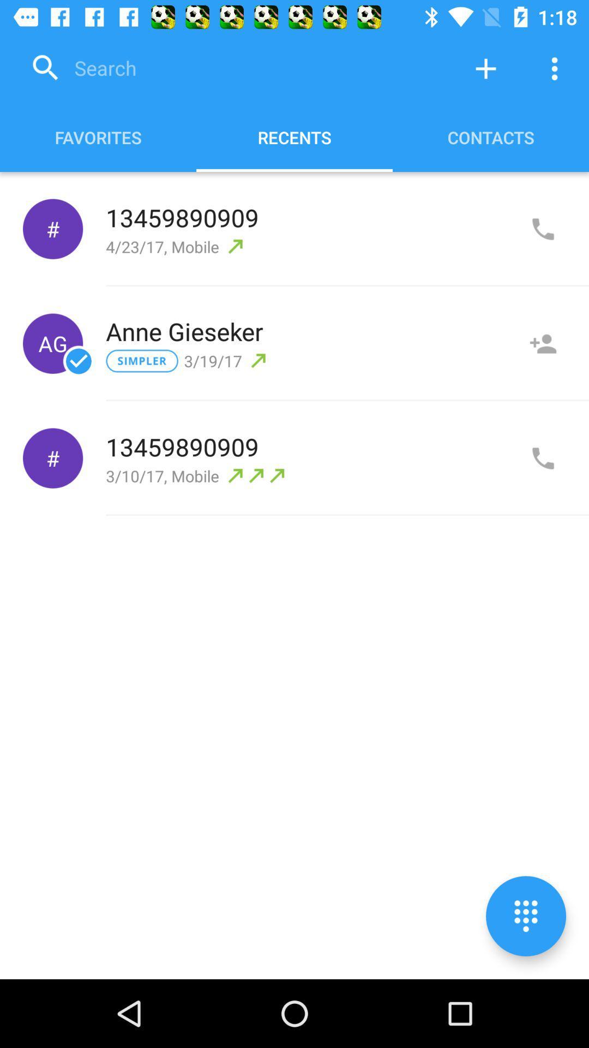 This screenshot has height=1048, width=589. I want to click on shows plus icon, so click(485, 68).